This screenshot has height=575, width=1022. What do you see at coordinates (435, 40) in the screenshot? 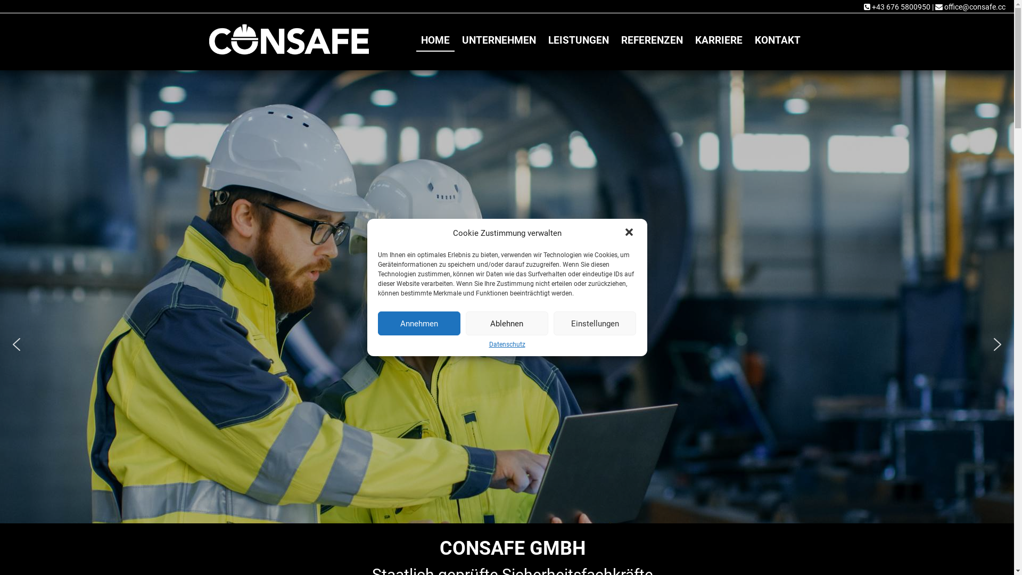
I see `'HOME'` at bounding box center [435, 40].